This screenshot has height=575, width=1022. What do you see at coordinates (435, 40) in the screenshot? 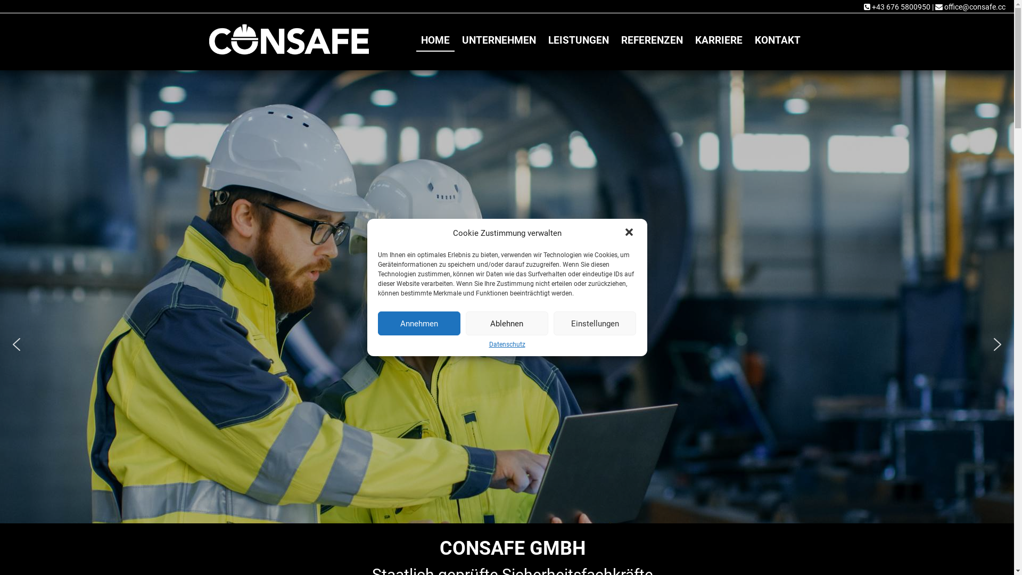
I see `'HOME'` at bounding box center [435, 40].